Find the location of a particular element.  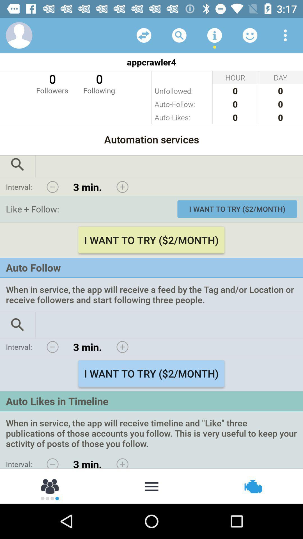

advance minutes is located at coordinates (122, 187).